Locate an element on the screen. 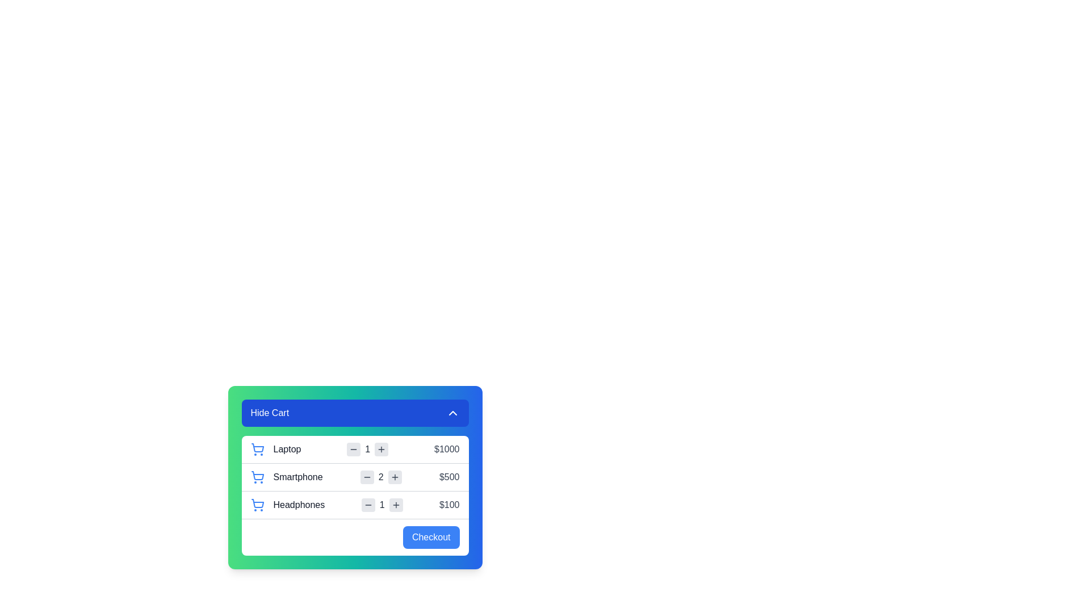 This screenshot has height=613, width=1090. text content of the 'Laptop' label, which is displayed in bold dark gray next to the shopping cart icon in the cart interface is located at coordinates (275, 448).